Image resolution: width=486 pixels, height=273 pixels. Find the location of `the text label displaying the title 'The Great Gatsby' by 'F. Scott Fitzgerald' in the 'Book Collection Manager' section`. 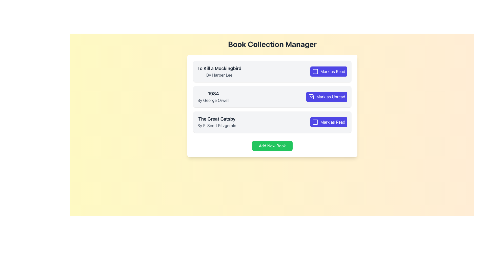

the text label displaying the title 'The Great Gatsby' by 'F. Scott Fitzgerald' in the 'Book Collection Manager' section is located at coordinates (217, 122).